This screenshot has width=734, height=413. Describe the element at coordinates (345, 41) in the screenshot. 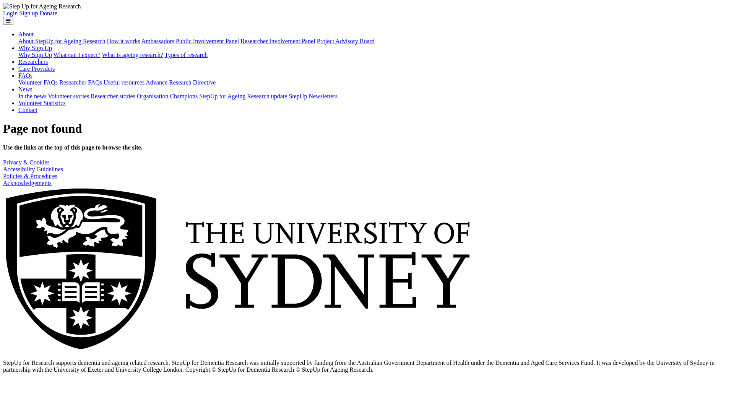

I see `'Project Advisory Board'` at that location.